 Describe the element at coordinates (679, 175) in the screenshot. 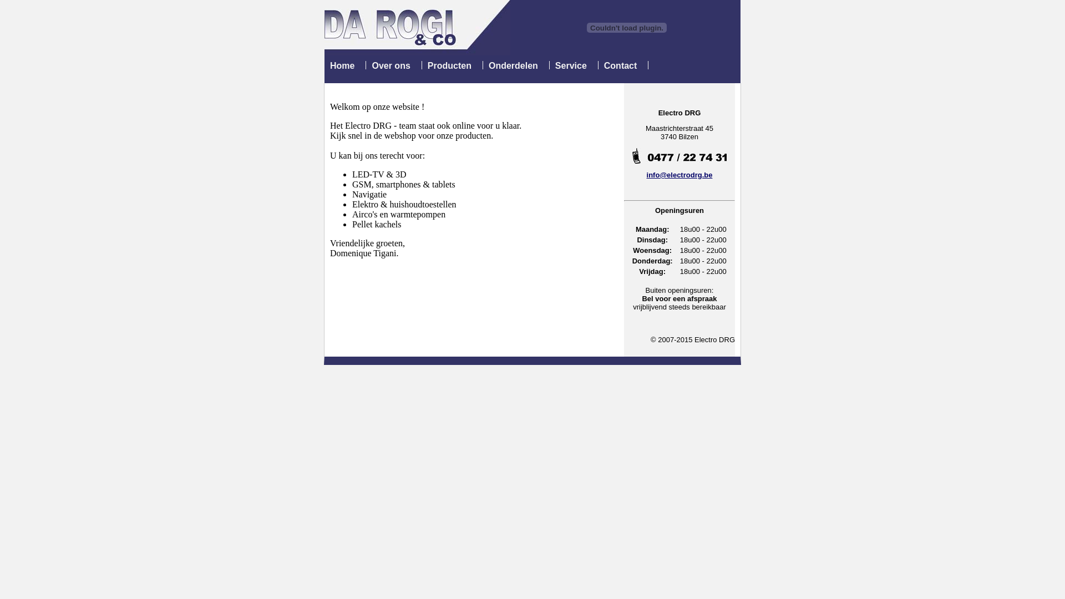

I see `'info@electrodrg.be'` at that location.